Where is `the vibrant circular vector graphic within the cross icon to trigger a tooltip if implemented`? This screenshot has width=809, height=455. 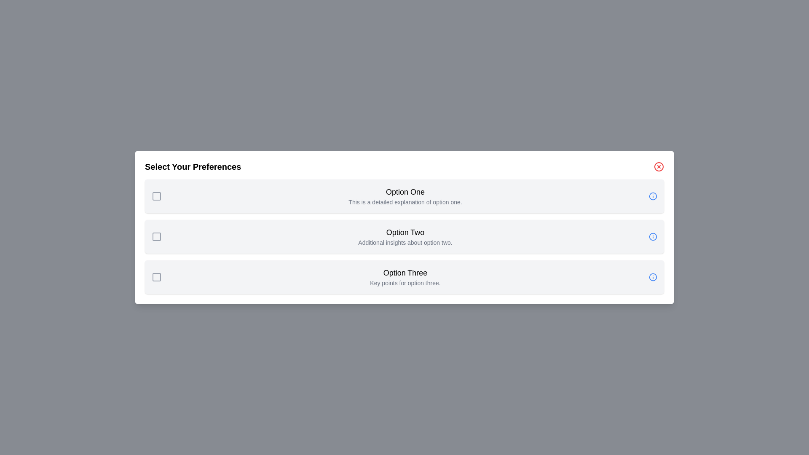 the vibrant circular vector graphic within the cross icon to trigger a tooltip if implemented is located at coordinates (659, 167).